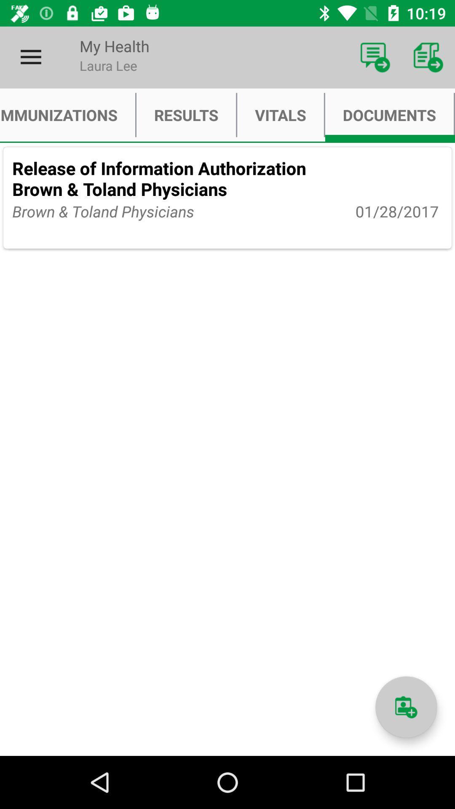 The height and width of the screenshot is (809, 455). Describe the element at coordinates (406, 707) in the screenshot. I see `a document` at that location.